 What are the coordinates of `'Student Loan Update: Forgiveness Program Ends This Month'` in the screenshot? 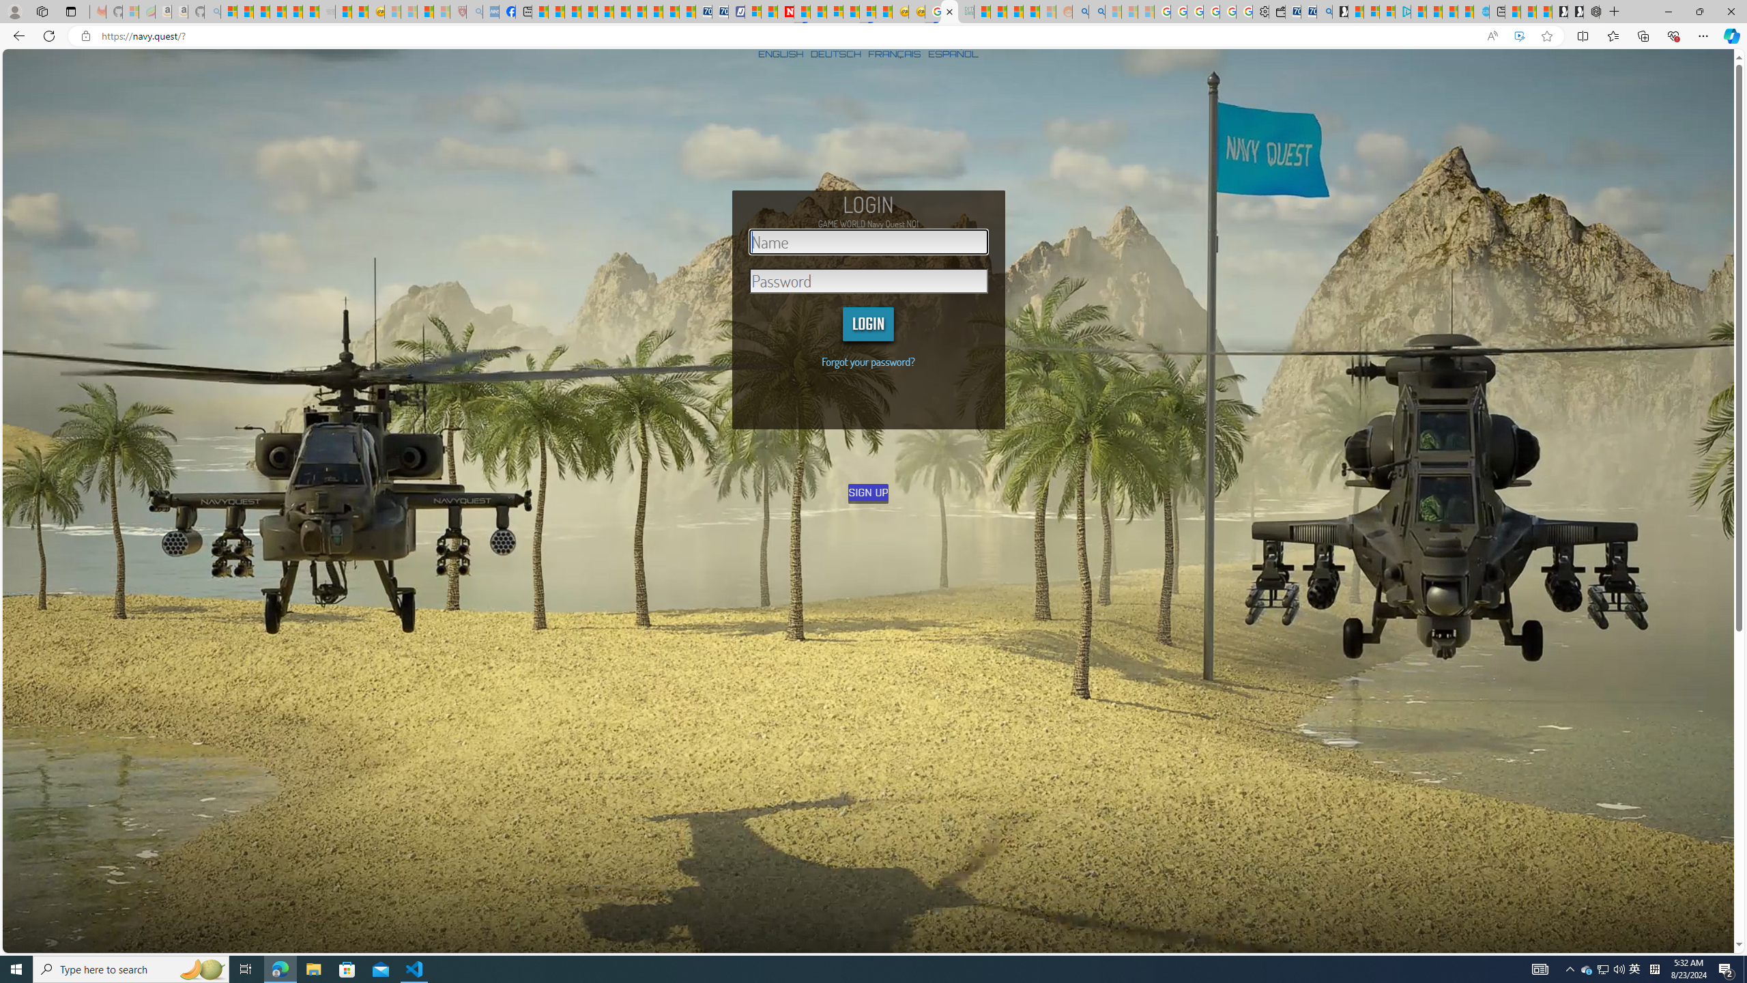 It's located at (1030, 11).